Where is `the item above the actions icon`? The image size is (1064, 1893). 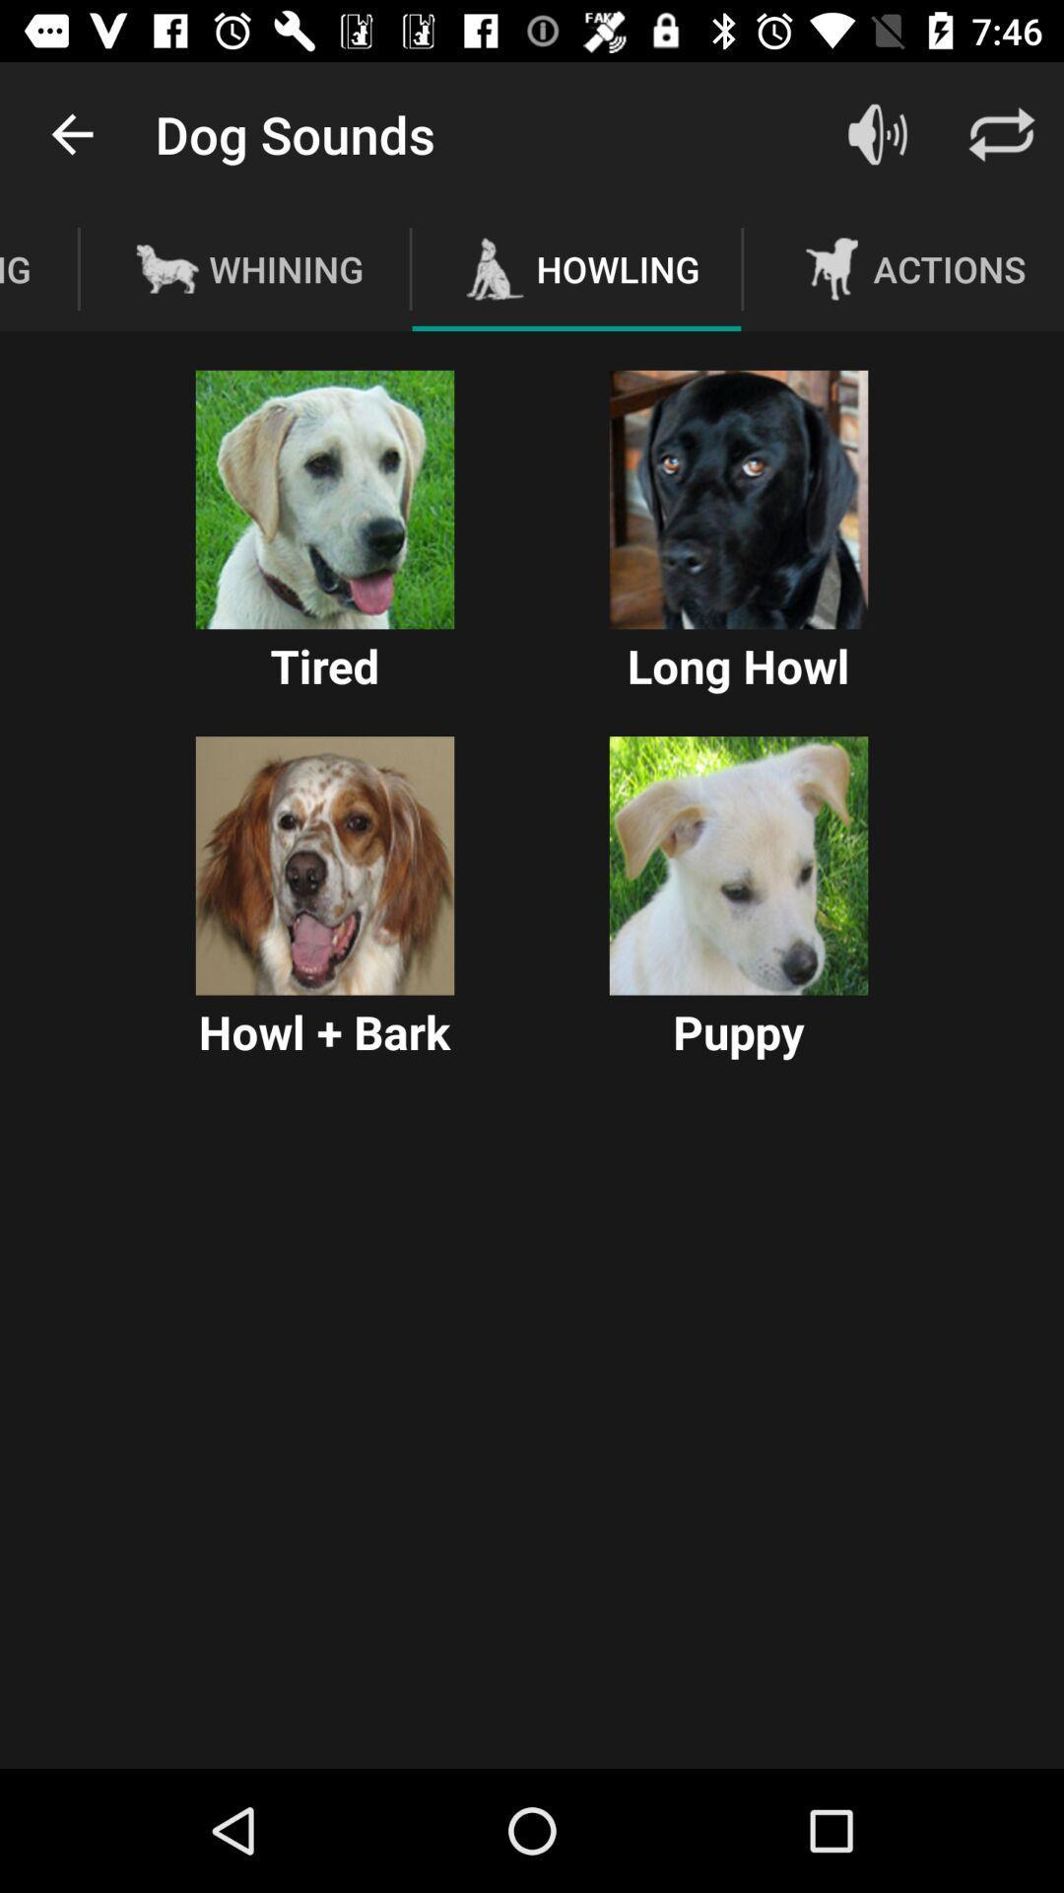 the item above the actions icon is located at coordinates (877, 133).